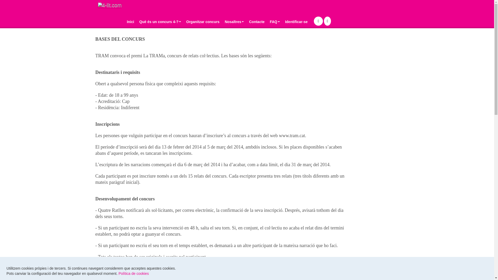 This screenshot has height=280, width=498. What do you see at coordinates (257, 22) in the screenshot?
I see `'Contacte'` at bounding box center [257, 22].